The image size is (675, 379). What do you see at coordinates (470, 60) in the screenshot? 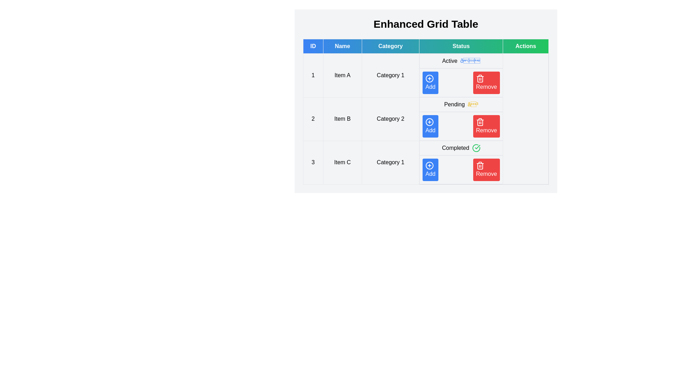
I see `the status icon in the 'Status' column of the table to display its meaning` at bounding box center [470, 60].